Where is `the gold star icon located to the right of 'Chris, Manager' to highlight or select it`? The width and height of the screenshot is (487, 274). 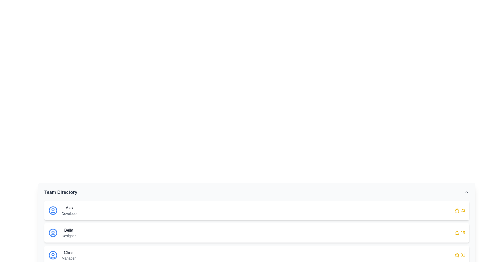 the gold star icon located to the right of 'Chris, Manager' to highlight or select it is located at coordinates (457, 255).